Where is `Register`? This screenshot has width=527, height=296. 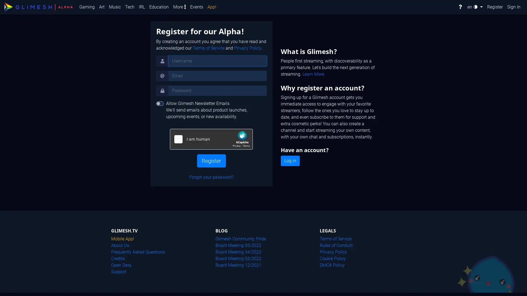
Register is located at coordinates (211, 160).